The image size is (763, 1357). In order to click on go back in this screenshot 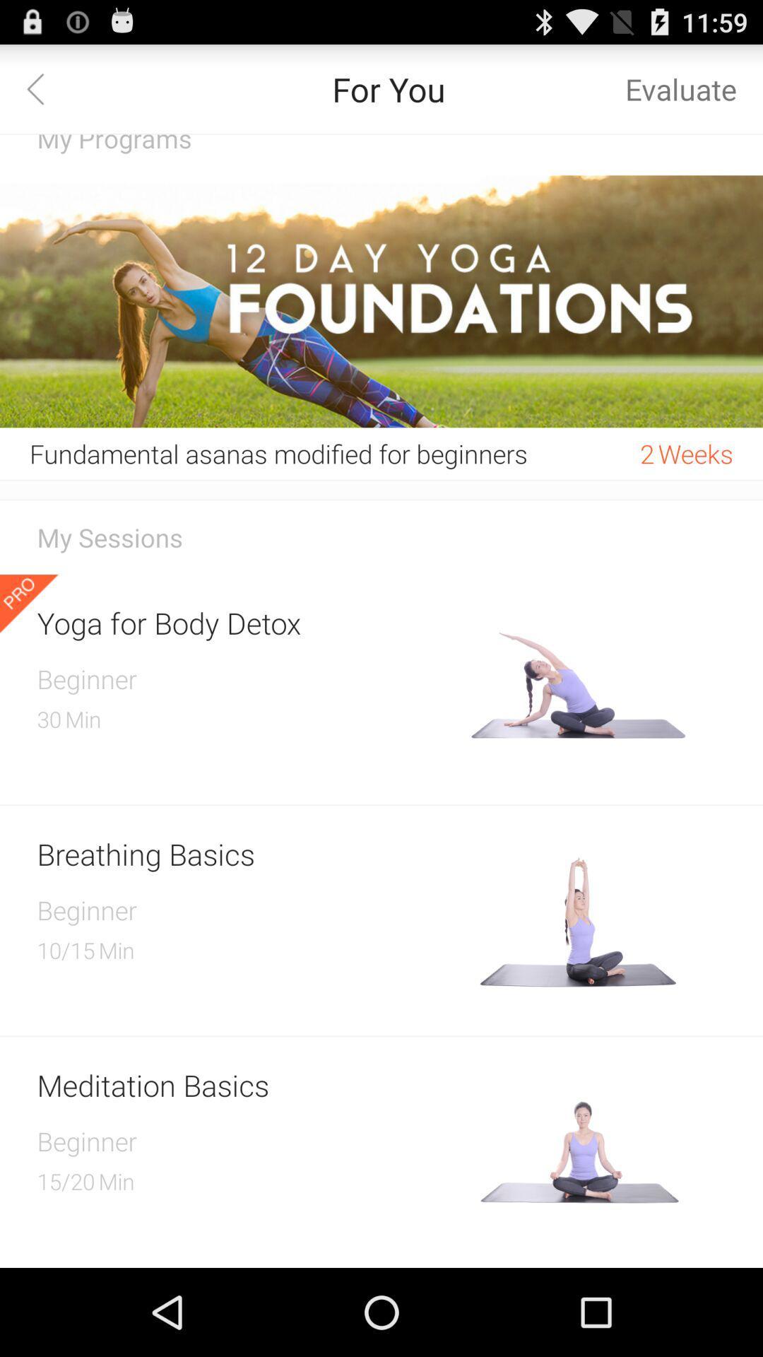, I will do `click(43, 88)`.